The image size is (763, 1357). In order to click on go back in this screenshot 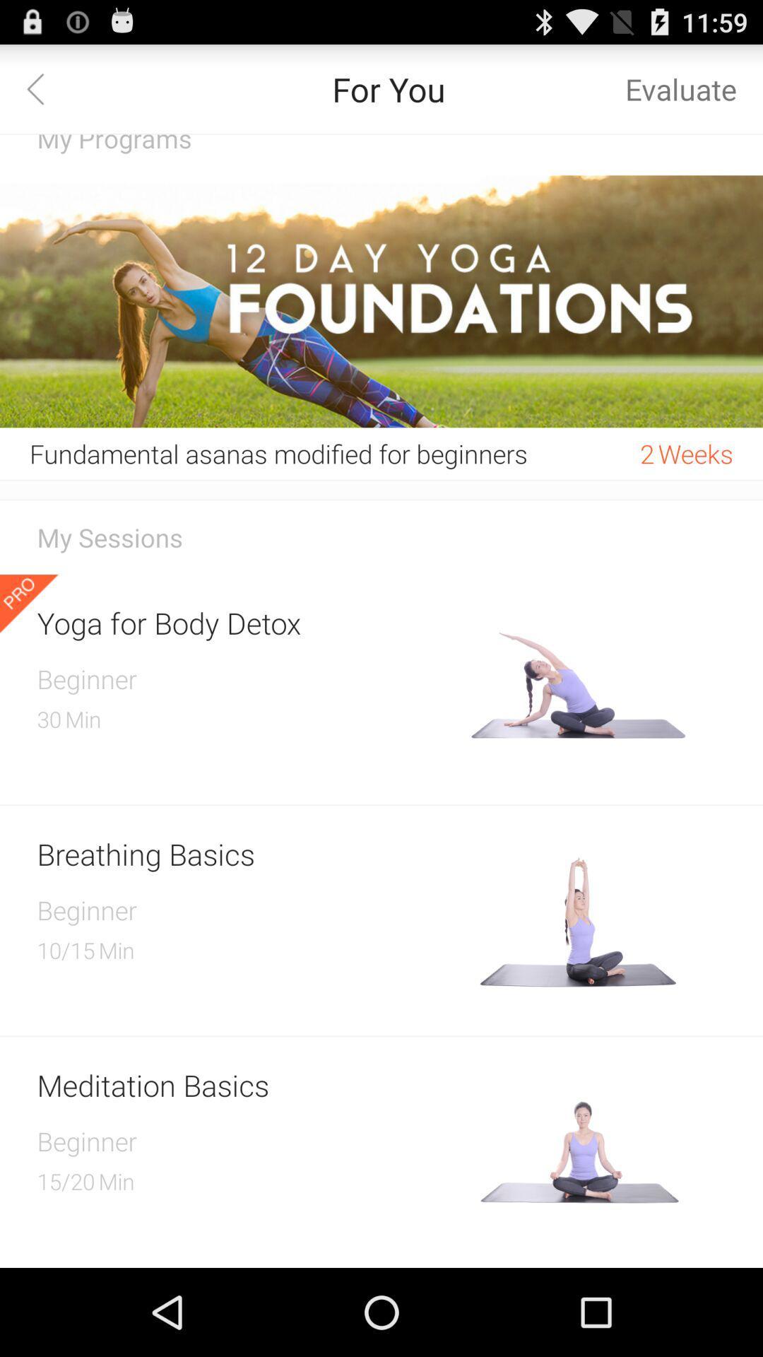, I will do `click(43, 88)`.